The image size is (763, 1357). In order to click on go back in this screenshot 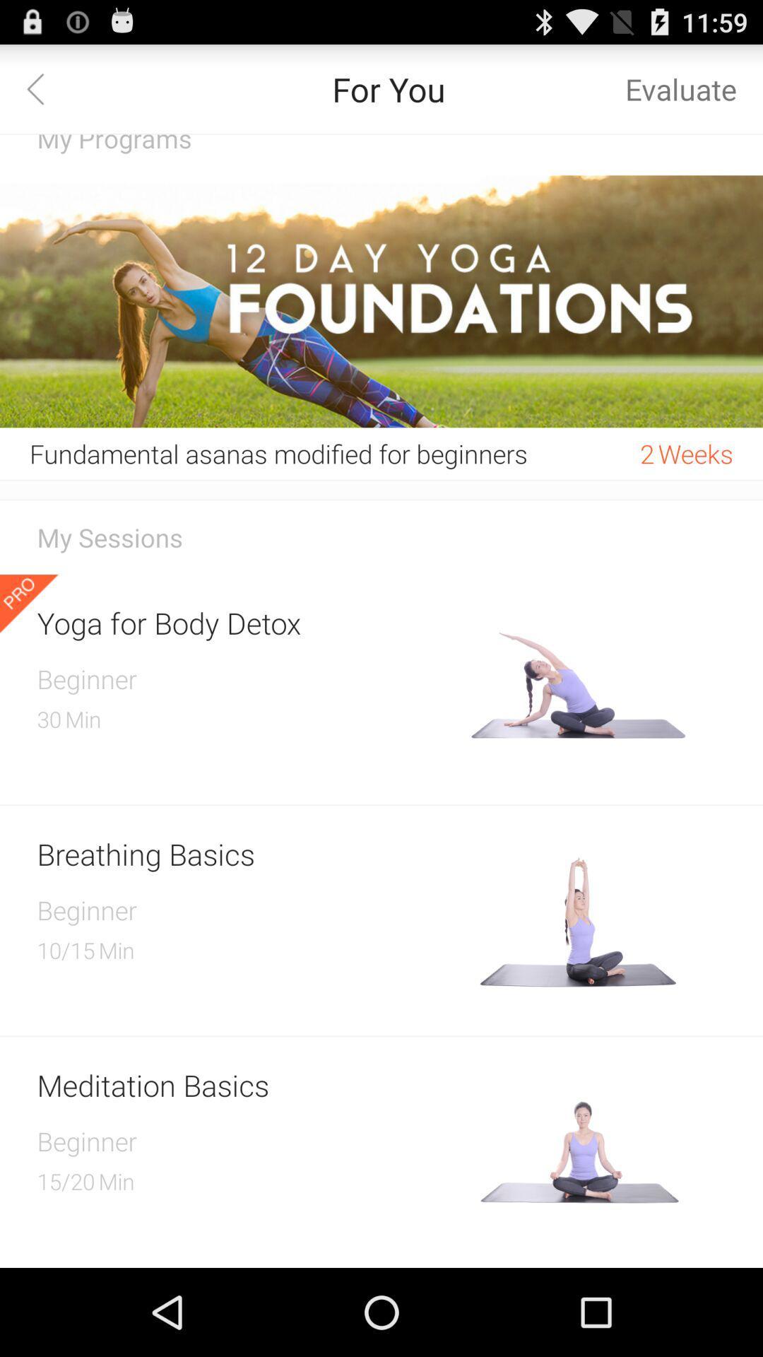, I will do `click(43, 88)`.